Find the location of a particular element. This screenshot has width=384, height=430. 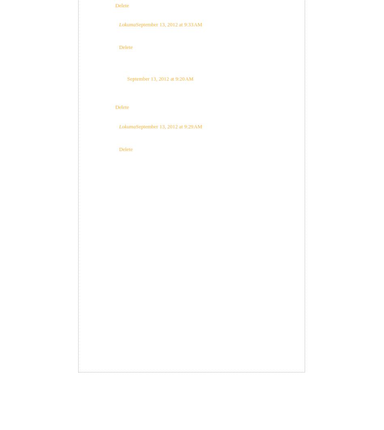

'Thanks for the suggestion, PatF. Please let us know if you try this.' is located at coordinates (188, 36).